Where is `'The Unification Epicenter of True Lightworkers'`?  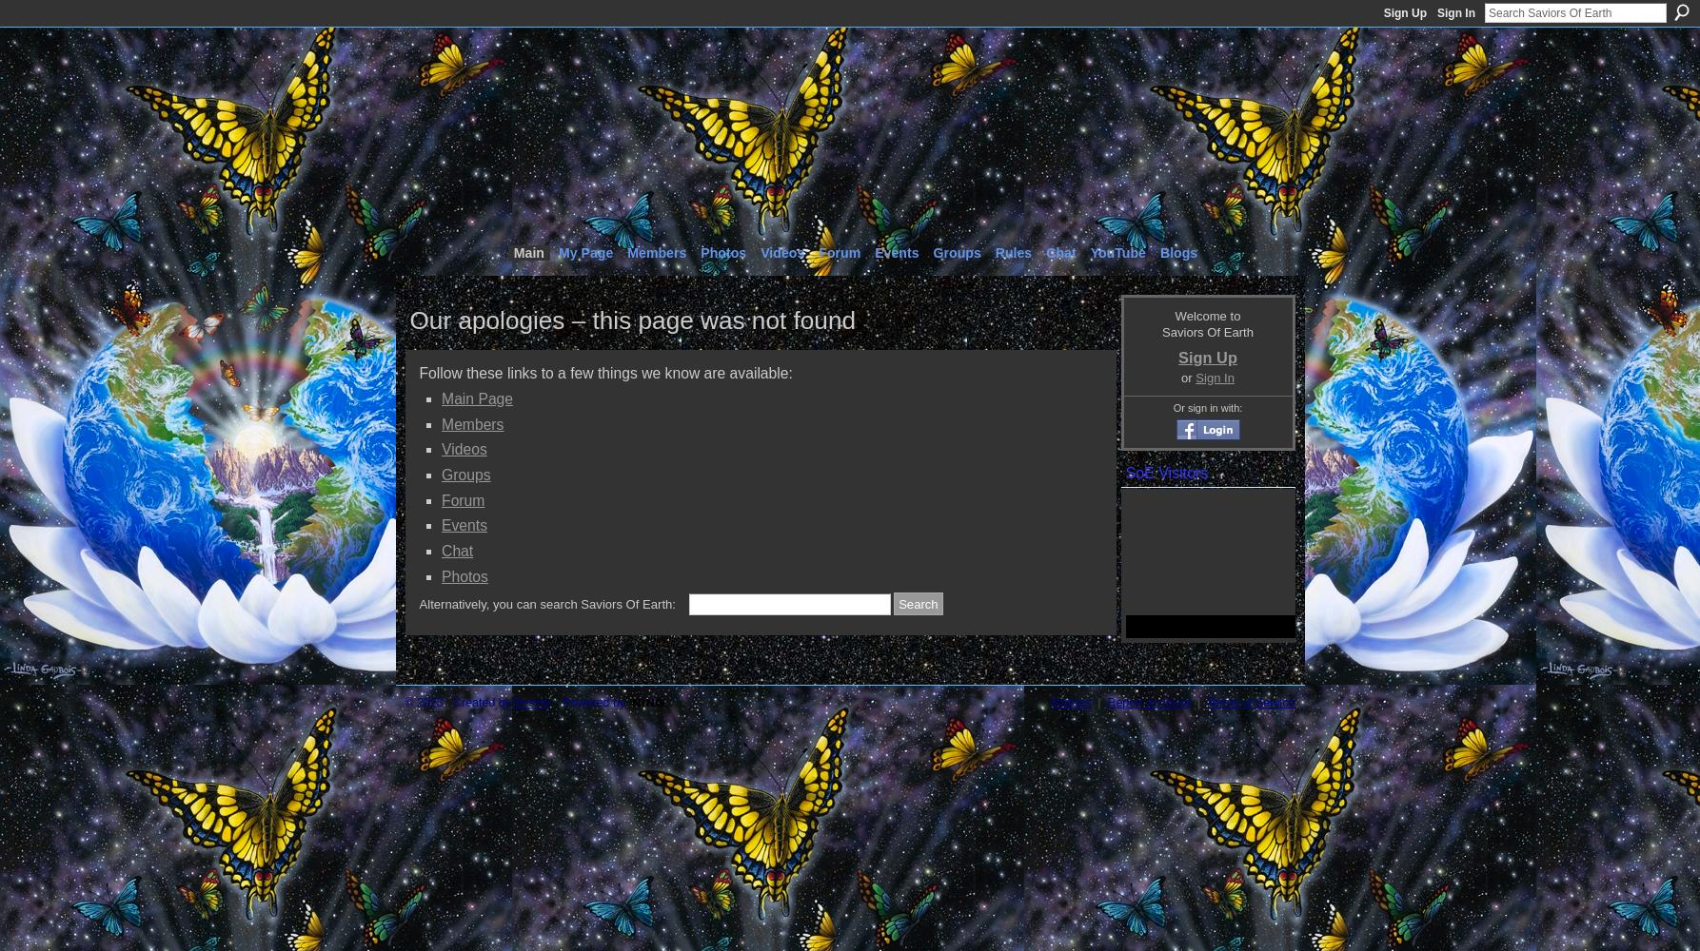
'The Unification Epicenter of True Lightworkers' is located at coordinates (682, 207).